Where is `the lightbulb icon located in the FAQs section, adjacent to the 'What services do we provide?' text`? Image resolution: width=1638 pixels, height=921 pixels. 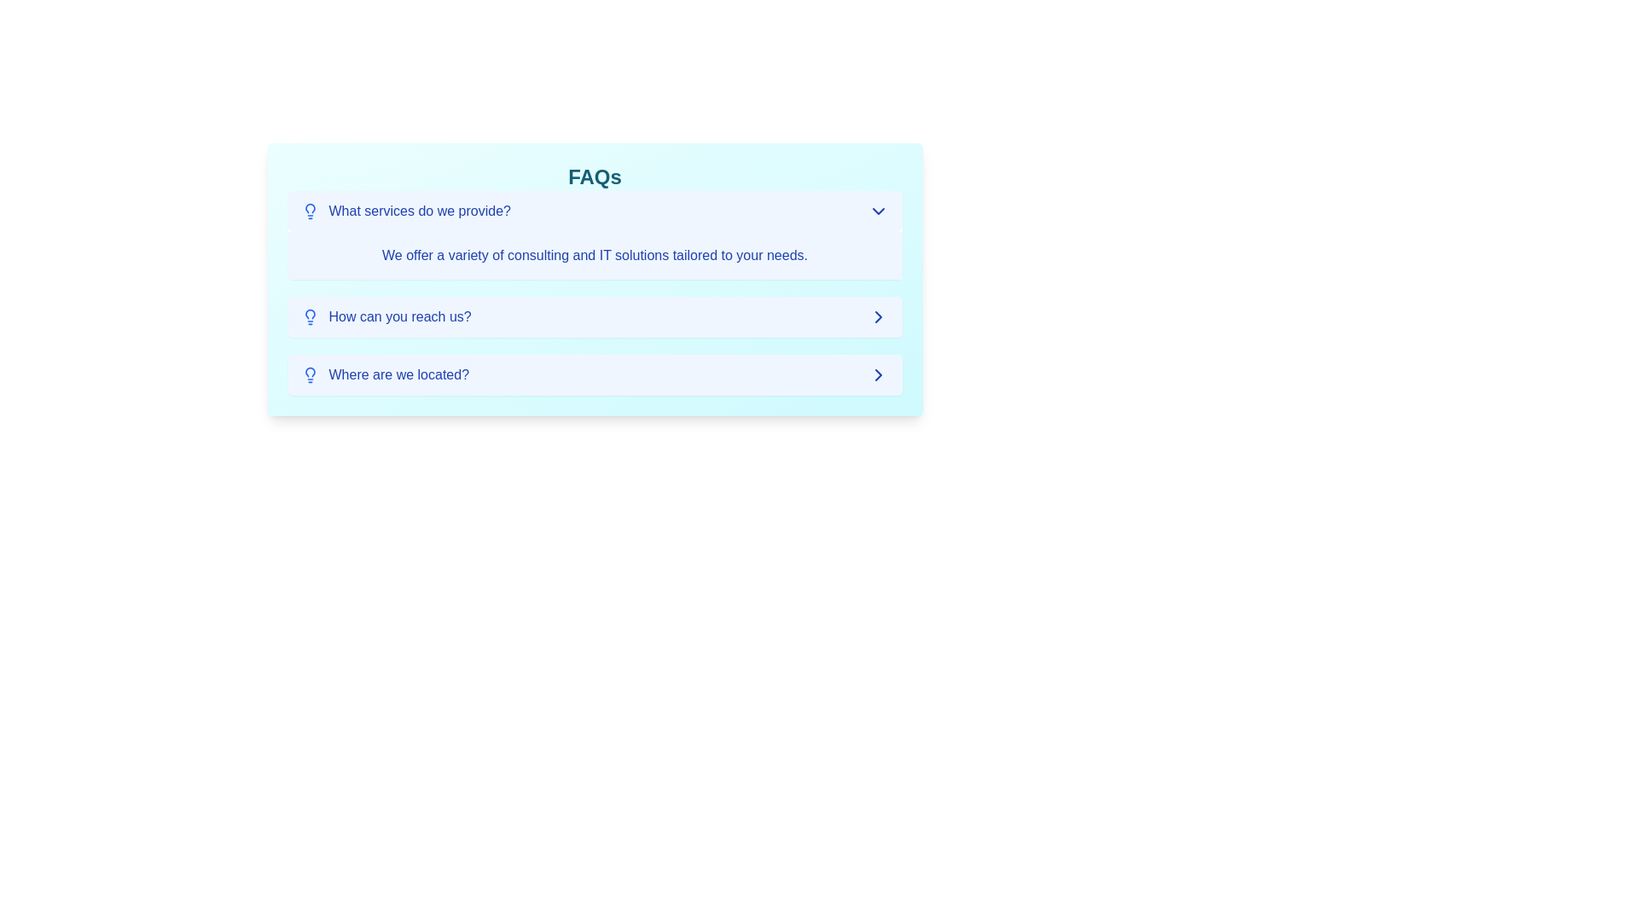
the lightbulb icon located in the FAQs section, adjacent to the 'What services do we provide?' text is located at coordinates (310, 210).